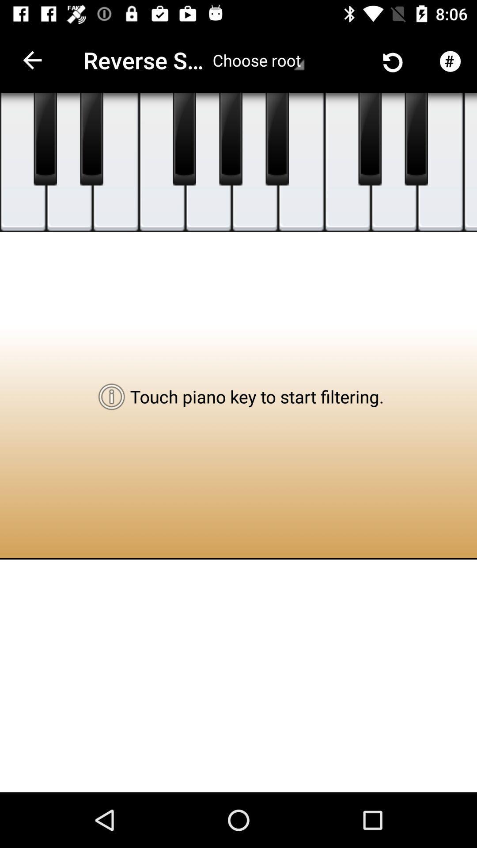 The height and width of the screenshot is (848, 477). I want to click on the first black tile from the left hand side, so click(45, 139).